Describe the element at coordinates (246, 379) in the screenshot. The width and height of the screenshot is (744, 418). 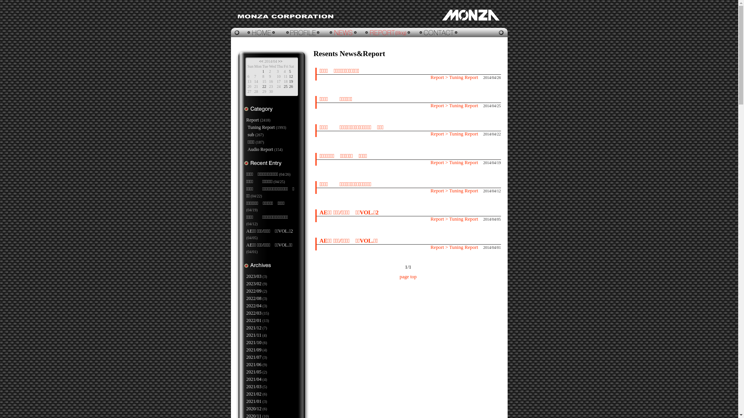
I see `'2021/04'` at that location.